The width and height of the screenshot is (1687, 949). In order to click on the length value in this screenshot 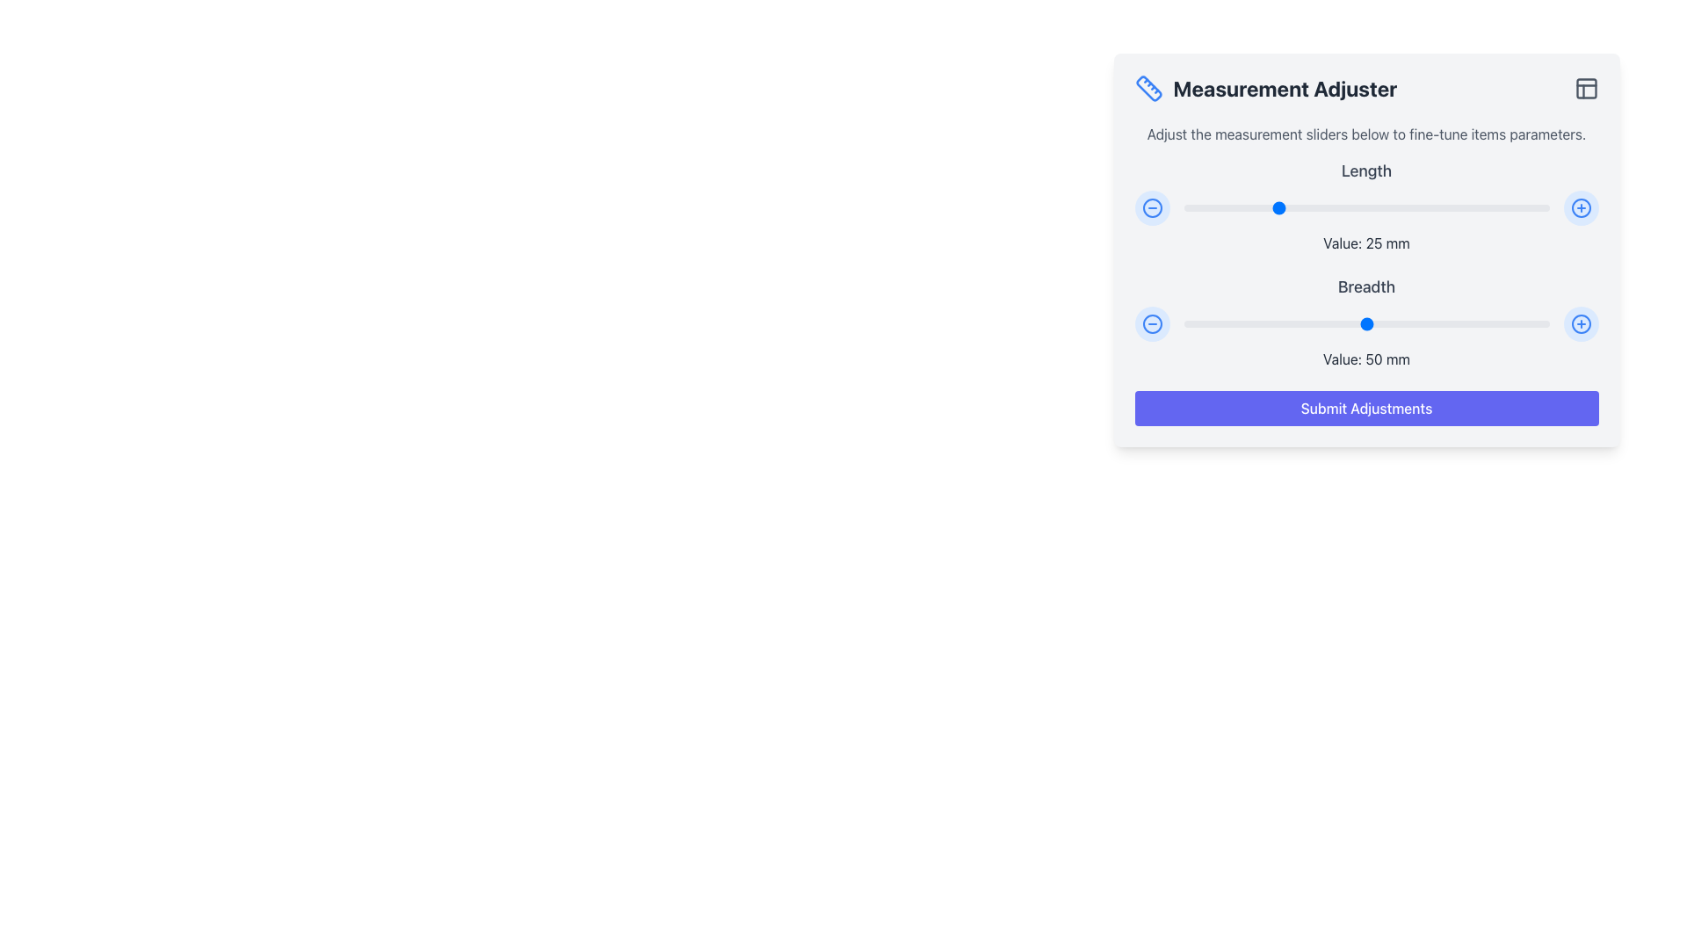, I will do `click(1286, 206)`.